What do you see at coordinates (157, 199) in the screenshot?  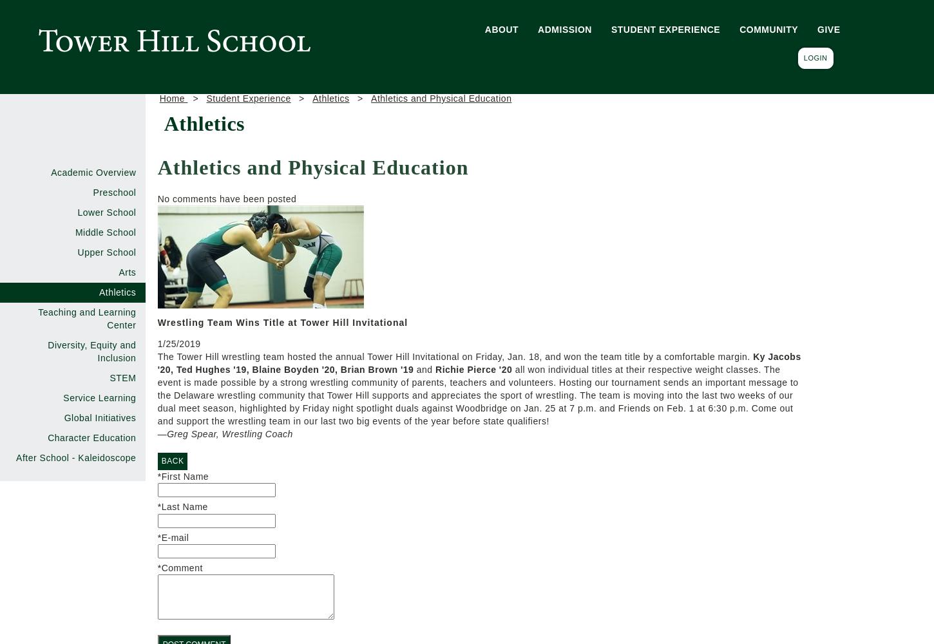 I see `'No comments have been posted'` at bounding box center [157, 199].